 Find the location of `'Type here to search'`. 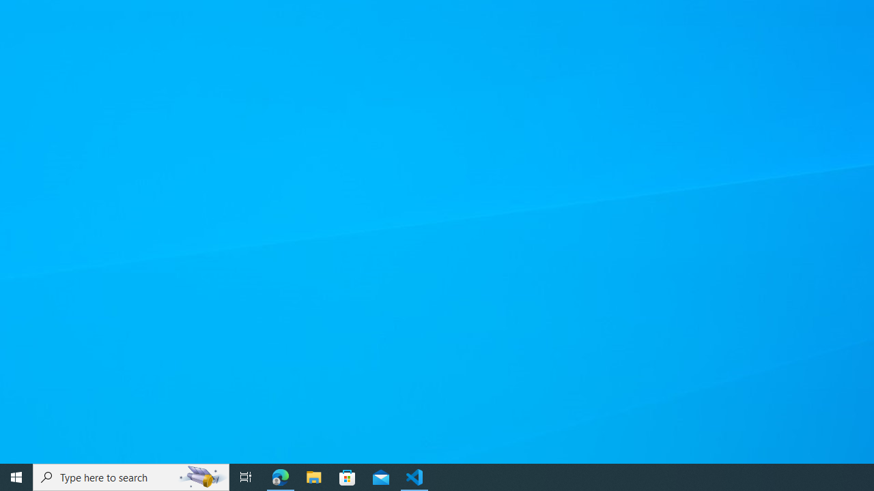

'Type here to search' is located at coordinates (131, 476).